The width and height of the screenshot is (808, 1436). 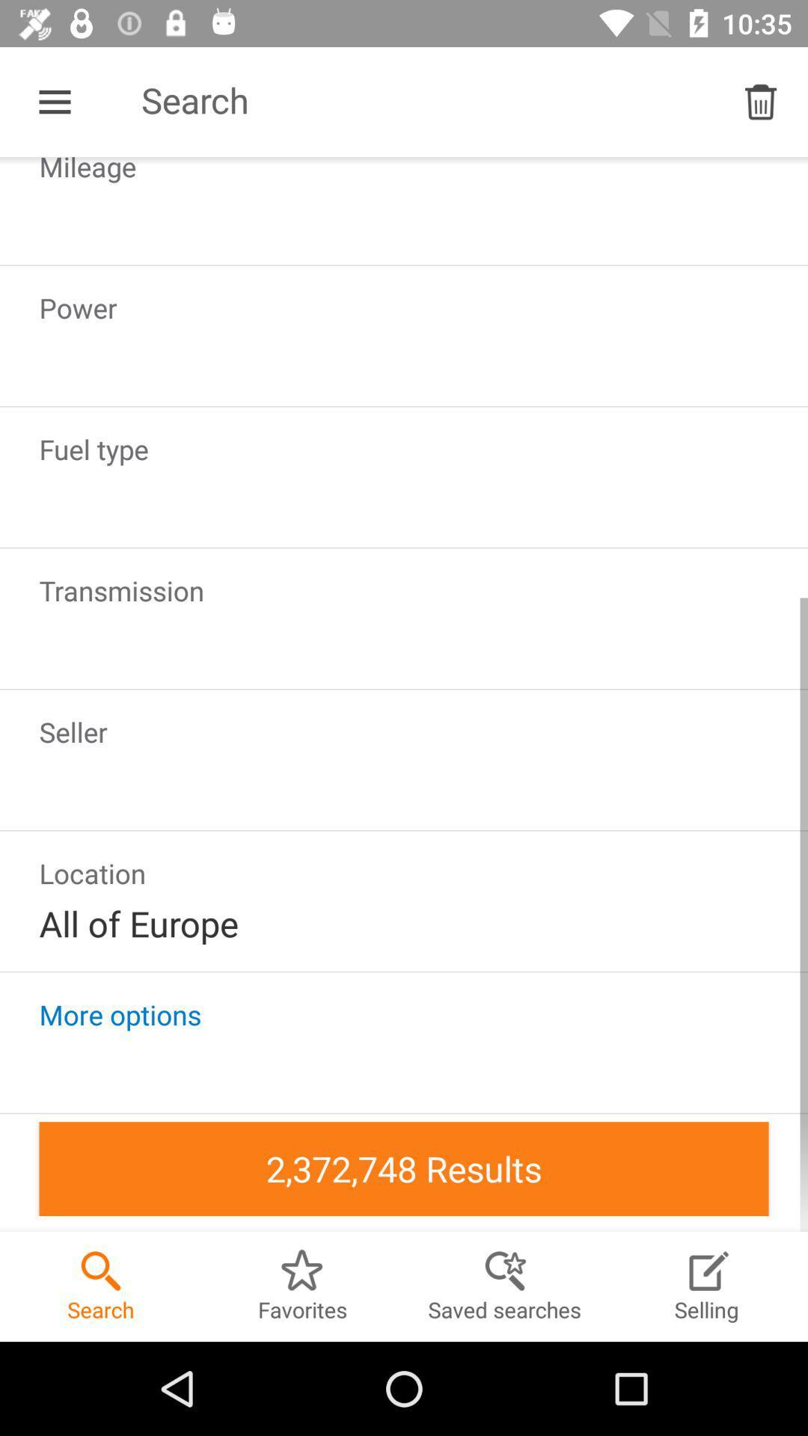 What do you see at coordinates (761, 101) in the screenshot?
I see `the icon above the mileage item` at bounding box center [761, 101].